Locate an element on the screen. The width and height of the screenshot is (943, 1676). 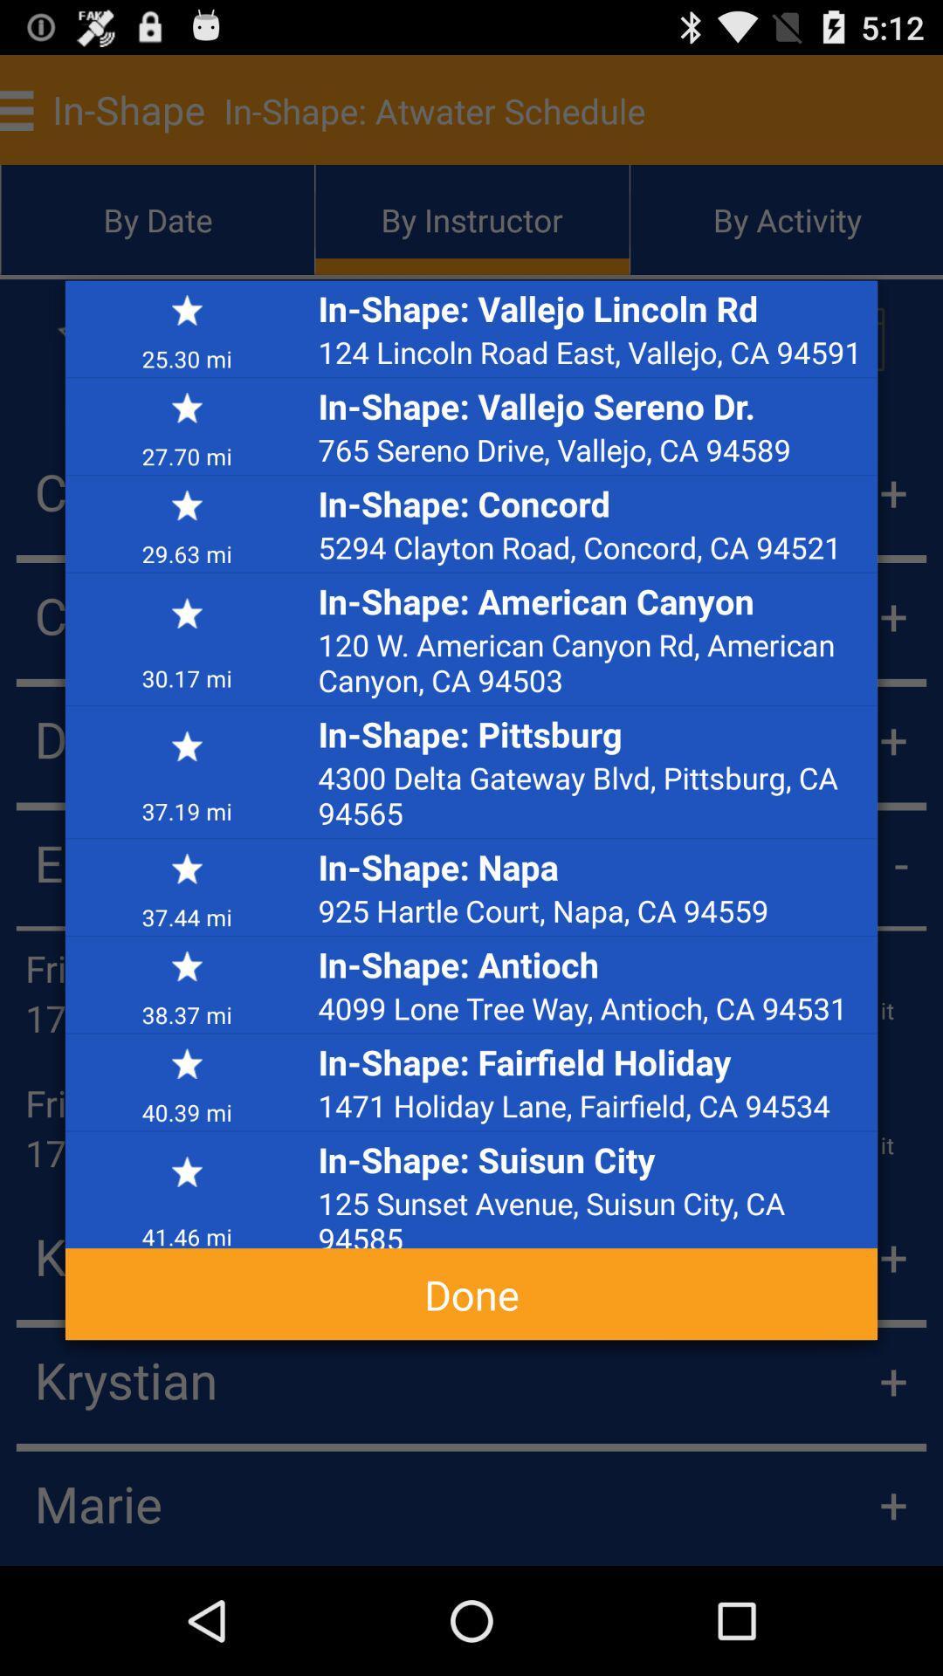
the app below in shape vallejo item is located at coordinates (592, 351).